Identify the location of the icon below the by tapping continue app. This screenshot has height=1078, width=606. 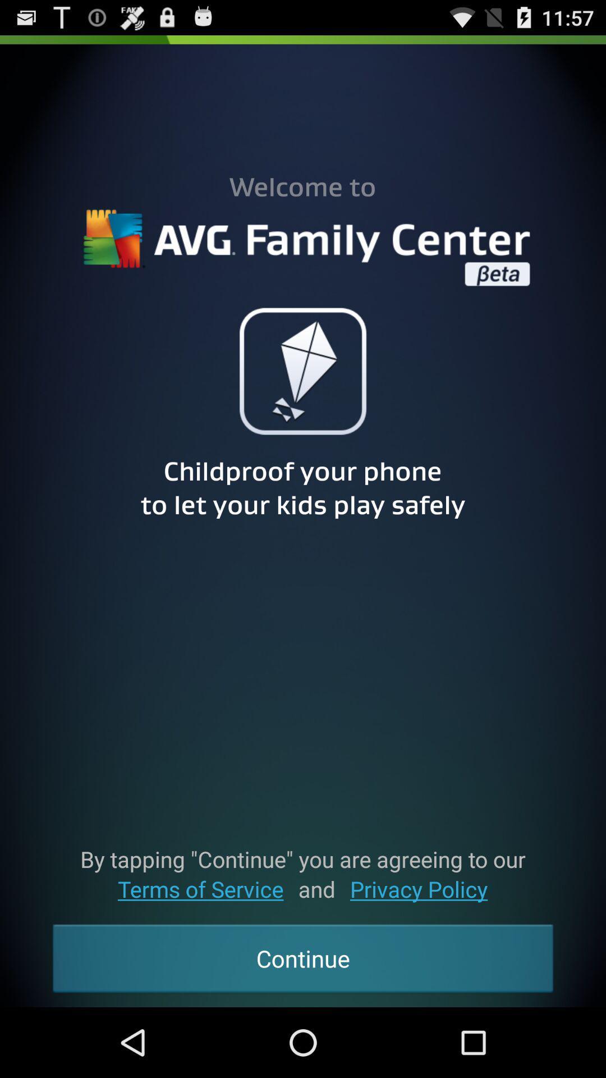
(419, 888).